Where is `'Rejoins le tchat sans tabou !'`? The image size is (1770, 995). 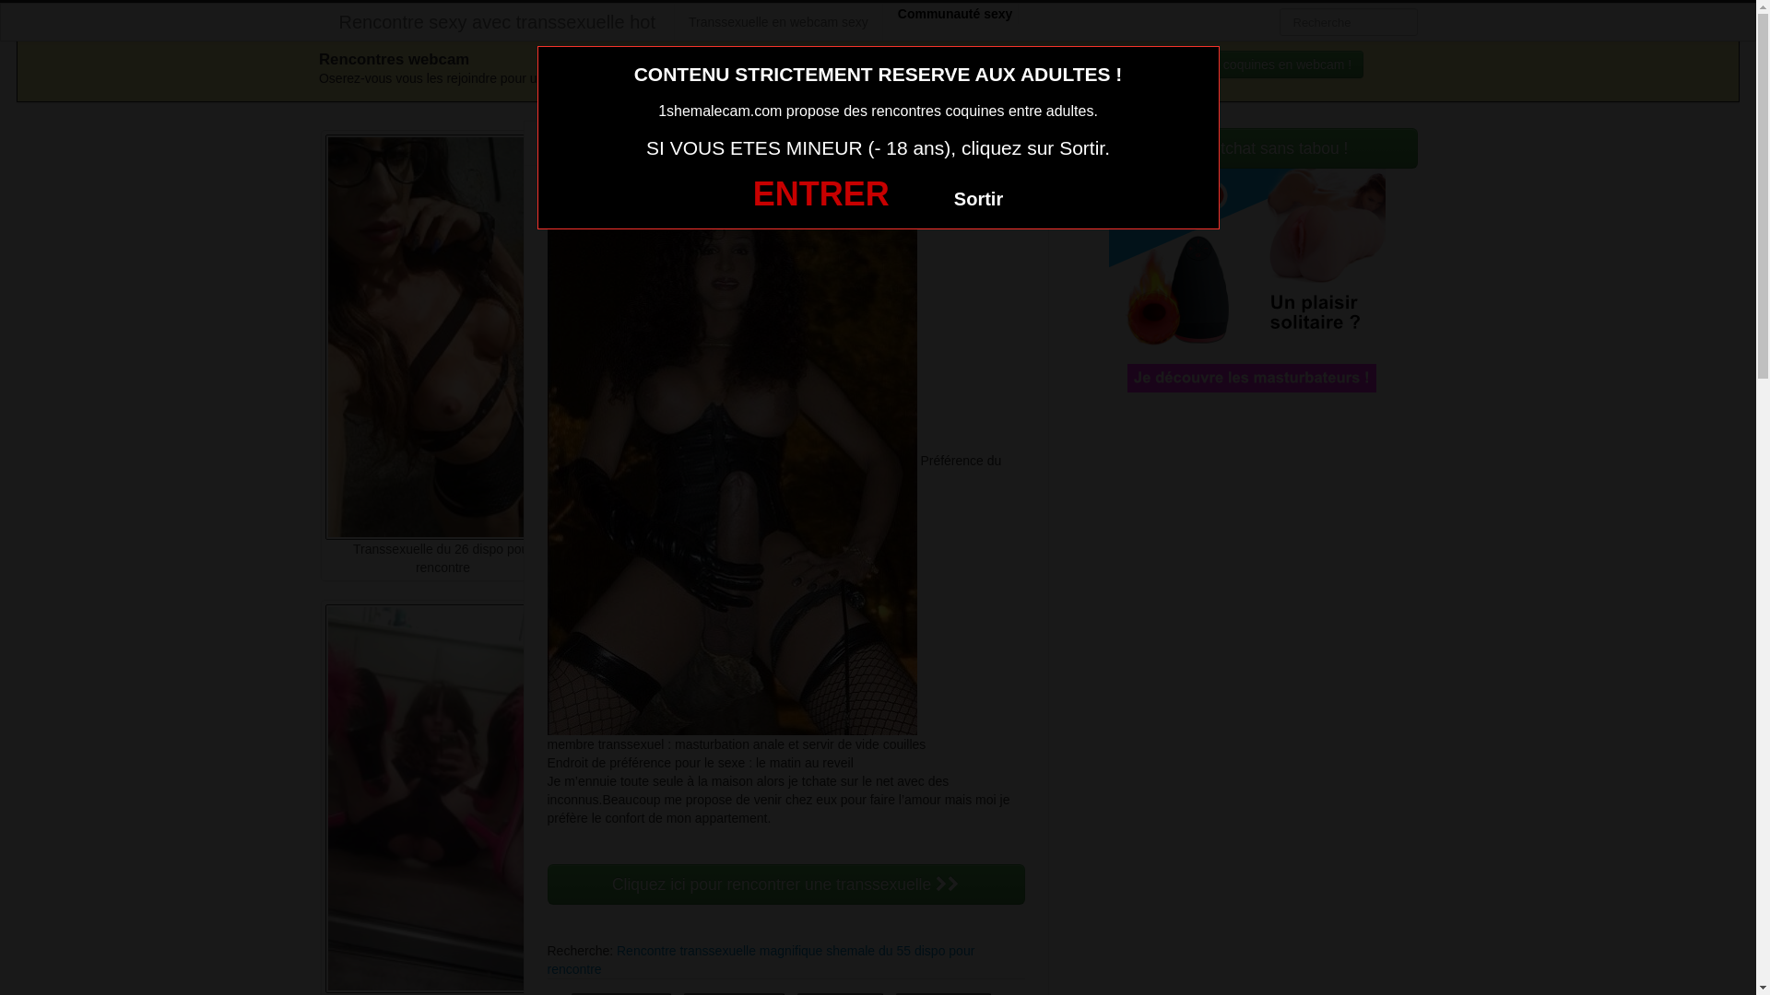 'Rejoins le tchat sans tabou !' is located at coordinates (1247, 147).